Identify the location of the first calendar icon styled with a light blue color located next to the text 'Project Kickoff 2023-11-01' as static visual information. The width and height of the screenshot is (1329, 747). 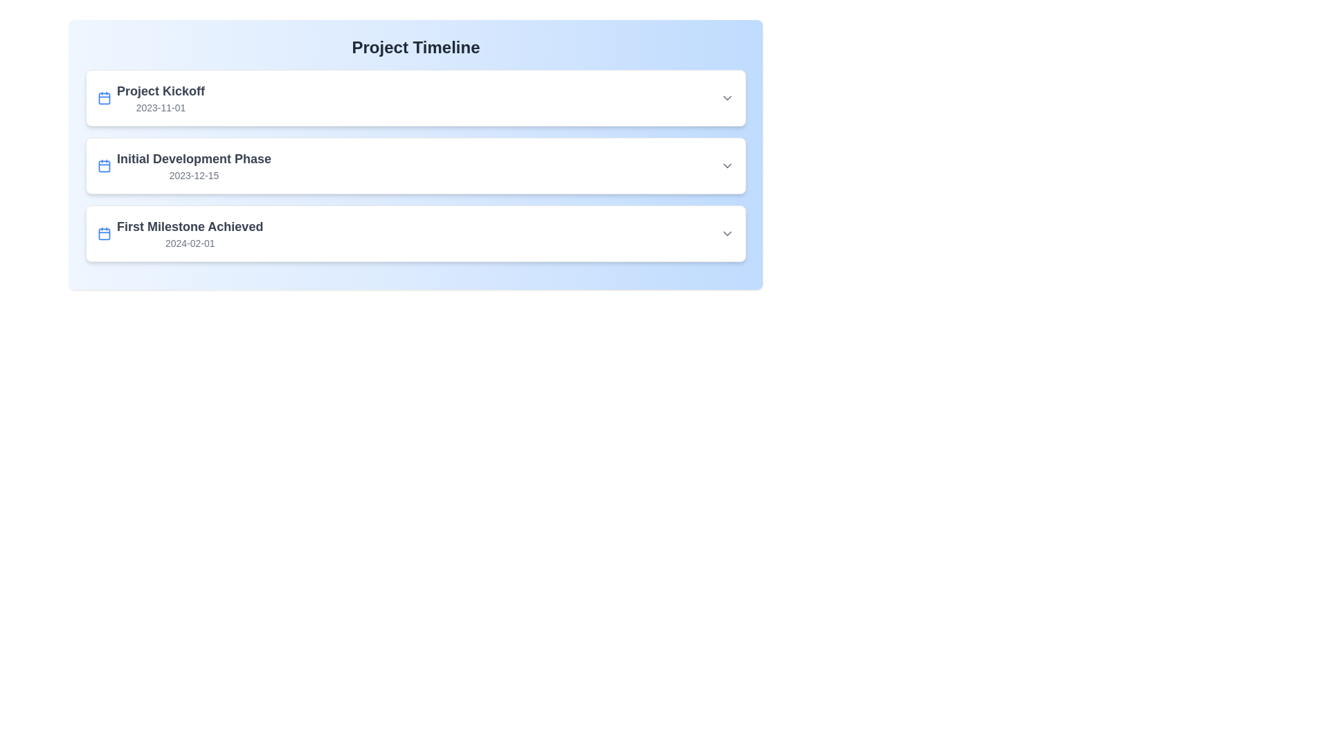
(103, 98).